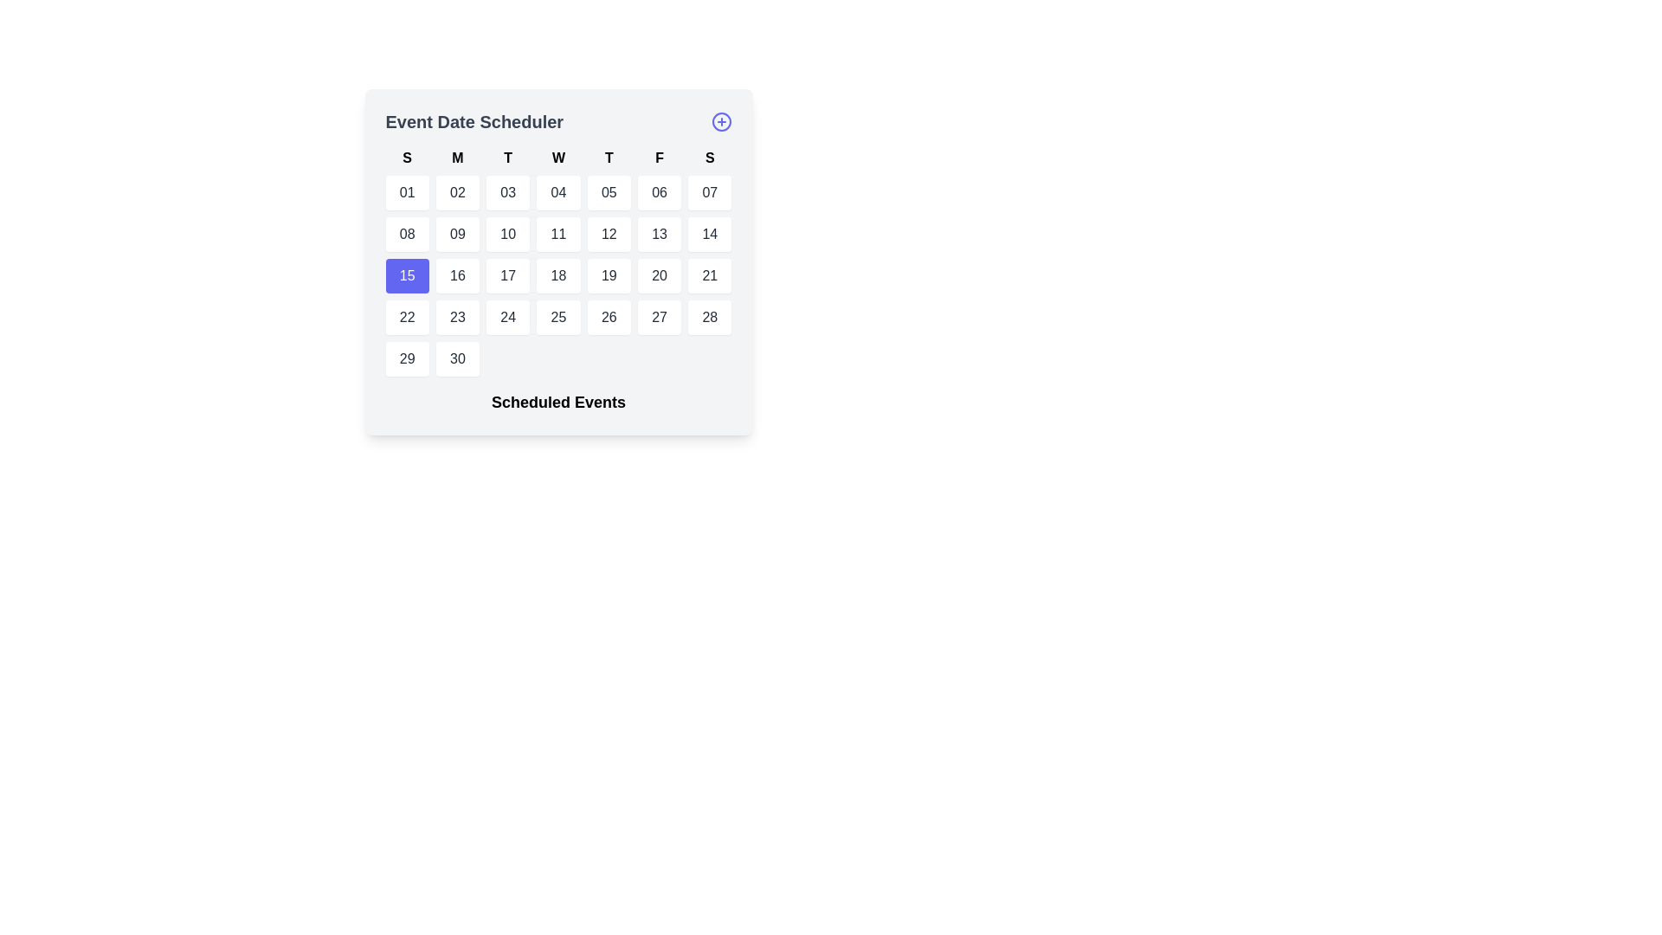  Describe the element at coordinates (406, 275) in the screenshot. I see `the selectable calendar day marked '15' which has a blue background and white text` at that location.